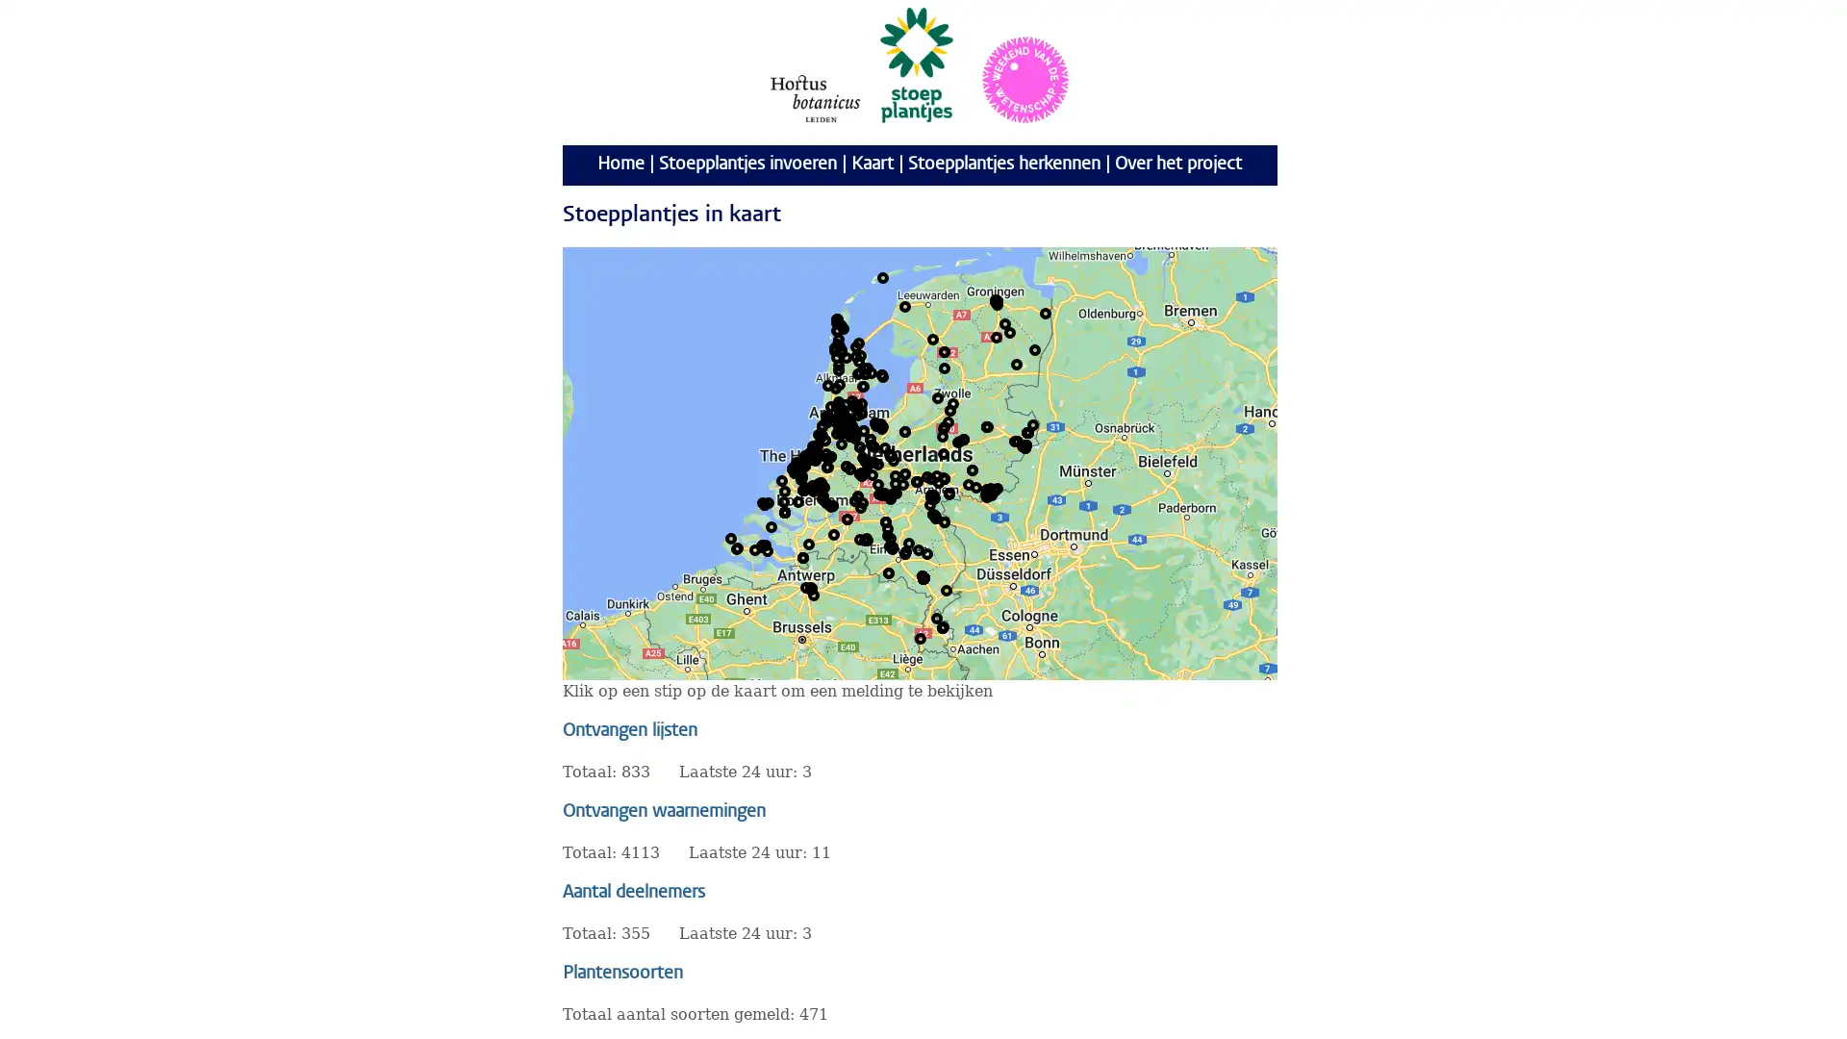 The height and width of the screenshot is (1039, 1847). What do you see at coordinates (803, 489) in the screenshot?
I see `Telling van Ineke op 09 mei 2022` at bounding box center [803, 489].